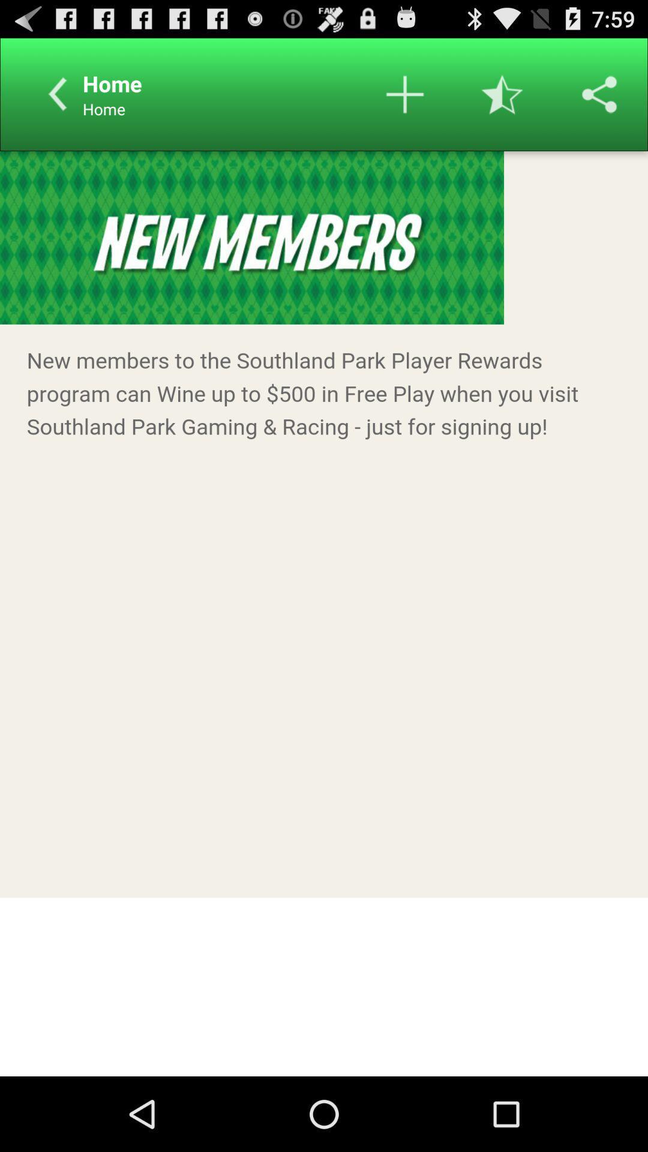  Describe the element at coordinates (599, 94) in the screenshot. I see `share the page` at that location.